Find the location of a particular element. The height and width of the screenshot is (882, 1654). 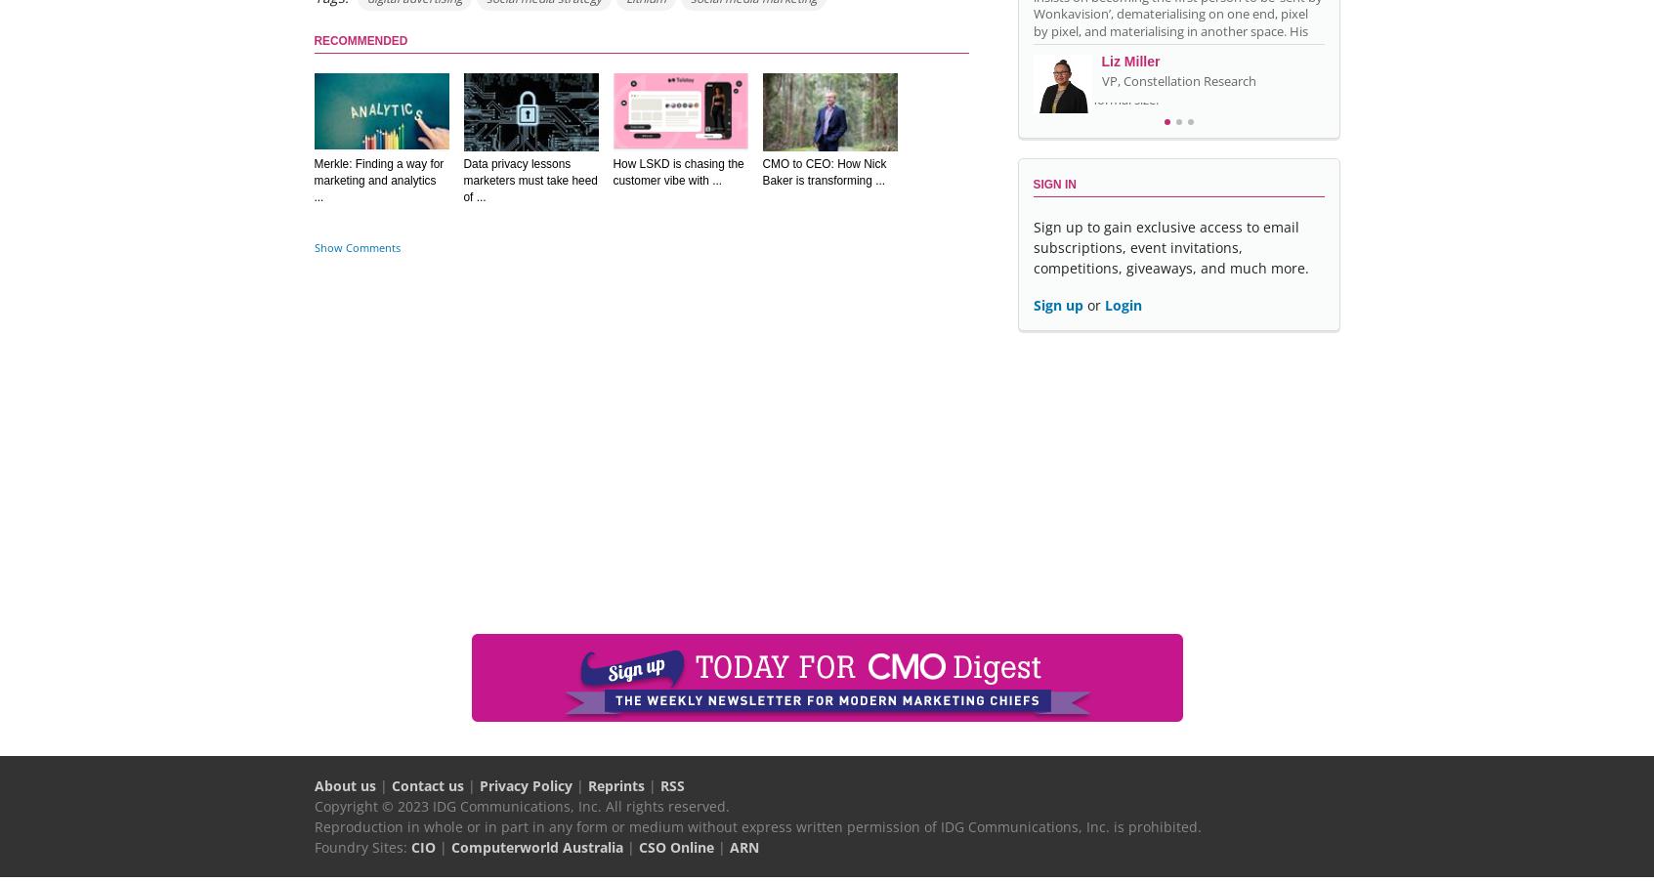

'Contact us' is located at coordinates (425, 784).